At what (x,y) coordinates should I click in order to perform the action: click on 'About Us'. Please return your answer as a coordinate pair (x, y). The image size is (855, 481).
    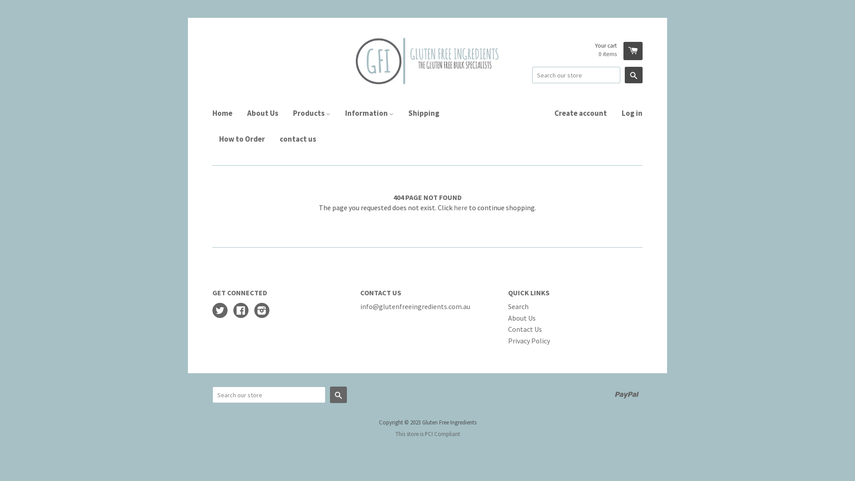
    Looking at the image, I should click on (262, 113).